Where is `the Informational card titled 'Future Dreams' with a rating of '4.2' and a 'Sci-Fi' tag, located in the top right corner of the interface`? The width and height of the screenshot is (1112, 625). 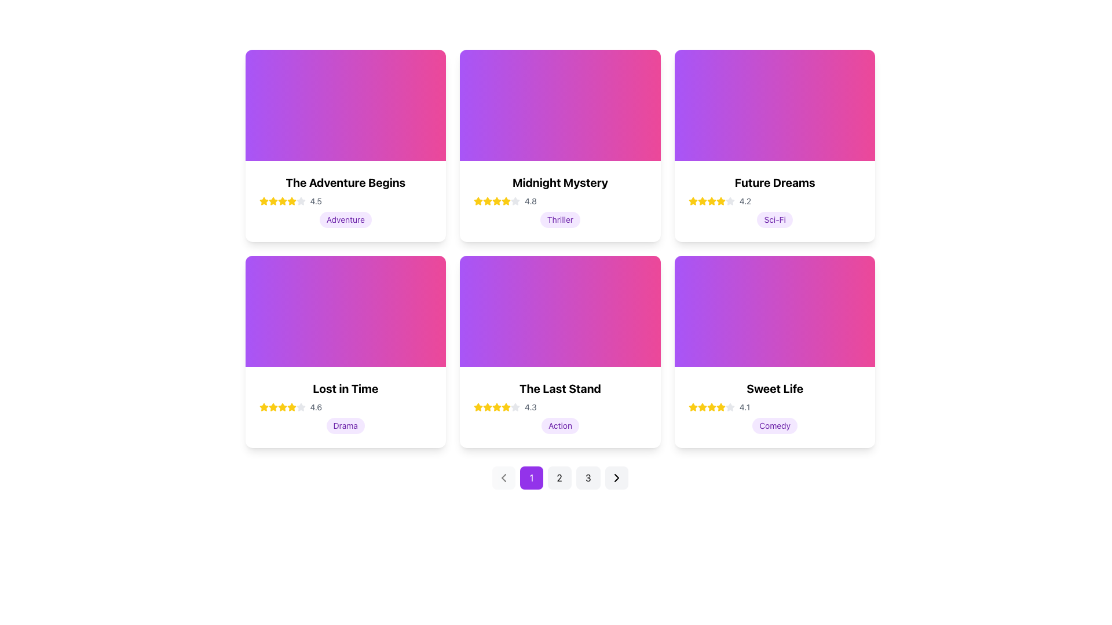
the Informational card titled 'Future Dreams' with a rating of '4.2' and a 'Sci-Fi' tag, located in the top right corner of the interface is located at coordinates (775, 145).